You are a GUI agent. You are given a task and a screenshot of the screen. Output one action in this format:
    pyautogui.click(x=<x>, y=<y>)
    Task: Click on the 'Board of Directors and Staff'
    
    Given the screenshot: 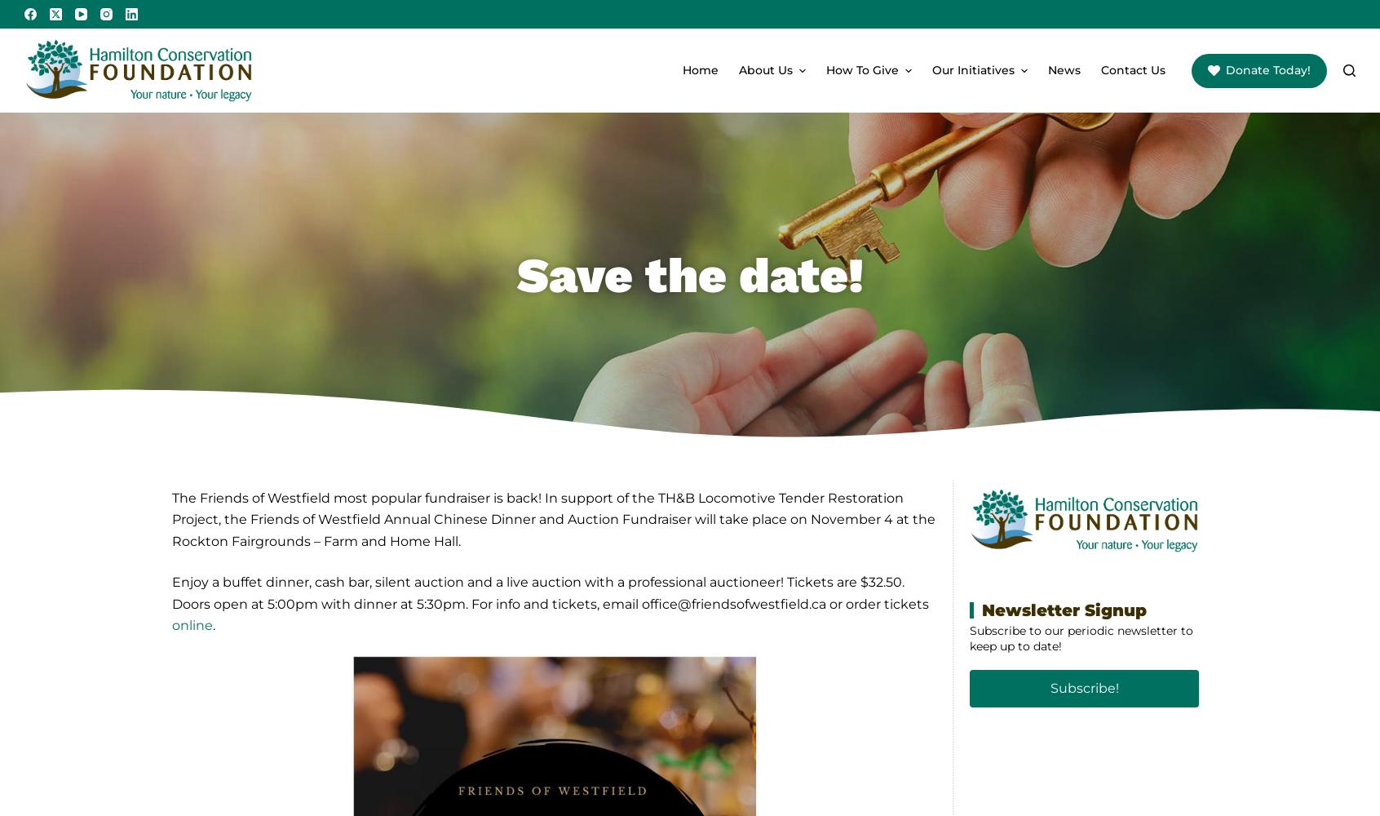 What is the action you would take?
    pyautogui.click(x=800, y=140)
    